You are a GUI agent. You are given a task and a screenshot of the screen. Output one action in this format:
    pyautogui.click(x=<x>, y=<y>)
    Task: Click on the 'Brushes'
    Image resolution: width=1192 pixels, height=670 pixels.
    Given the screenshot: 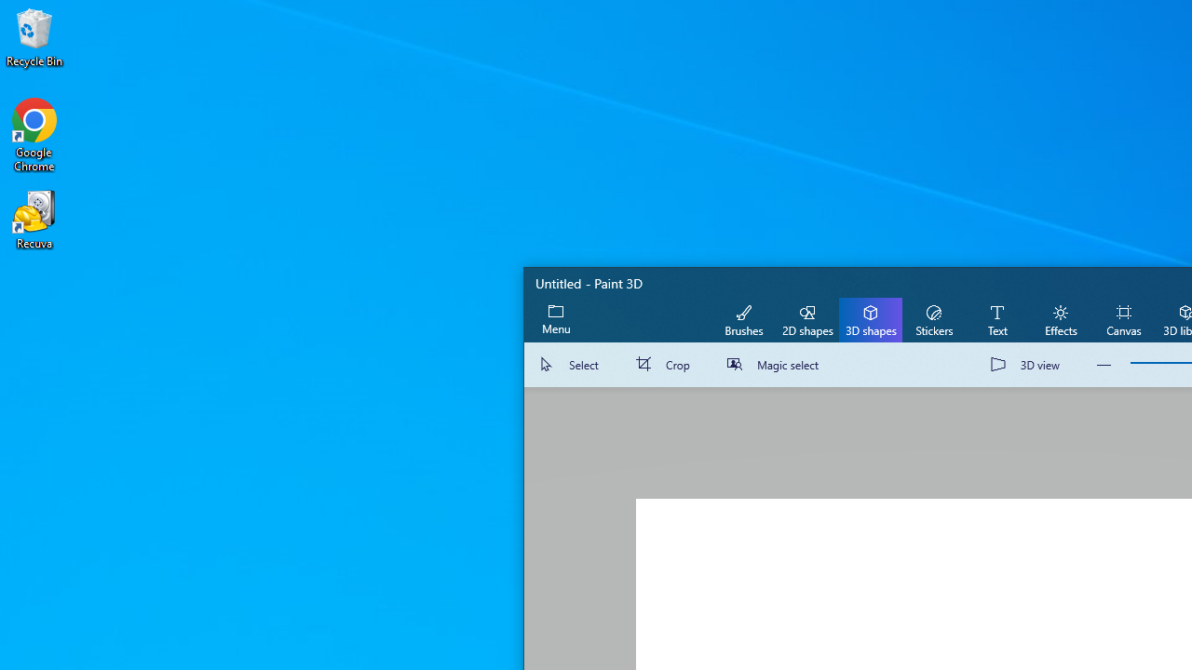 What is the action you would take?
    pyautogui.click(x=743, y=318)
    